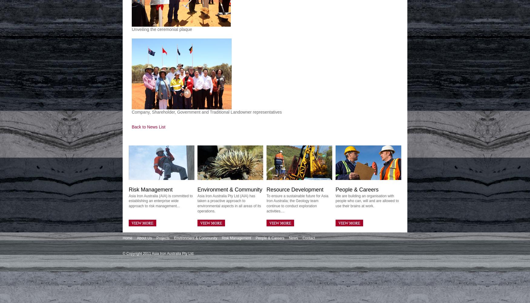 The width and height of the screenshot is (530, 303). What do you see at coordinates (156, 238) in the screenshot?
I see `'Projects'` at bounding box center [156, 238].